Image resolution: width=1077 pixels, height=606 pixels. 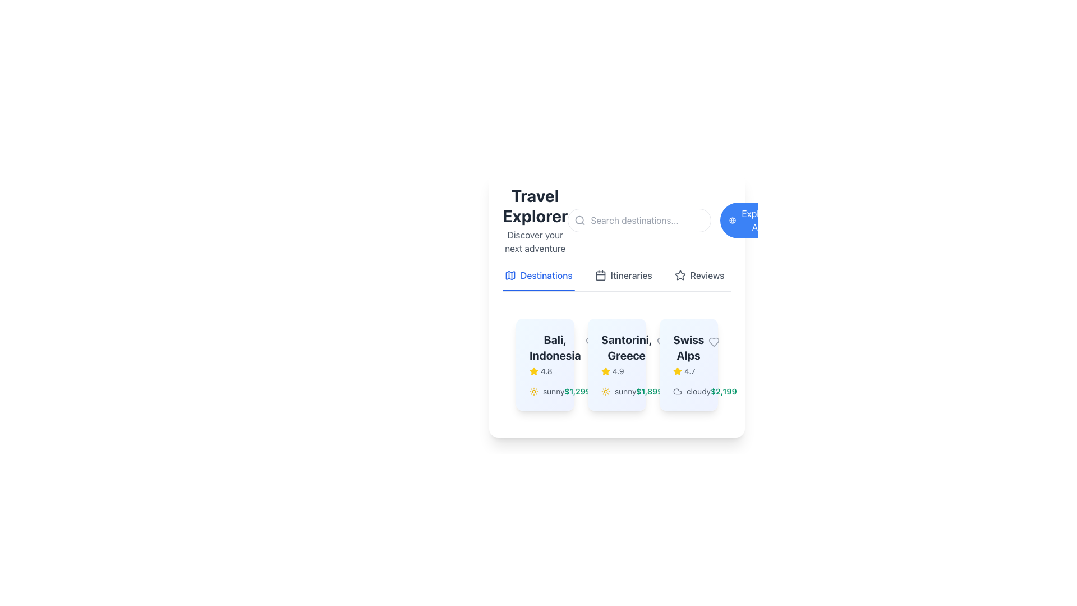 What do you see at coordinates (535, 241) in the screenshot?
I see `text information from the descriptive subtitle located beneath the 'Travel Explorer' header in the top-left section of the interface` at bounding box center [535, 241].